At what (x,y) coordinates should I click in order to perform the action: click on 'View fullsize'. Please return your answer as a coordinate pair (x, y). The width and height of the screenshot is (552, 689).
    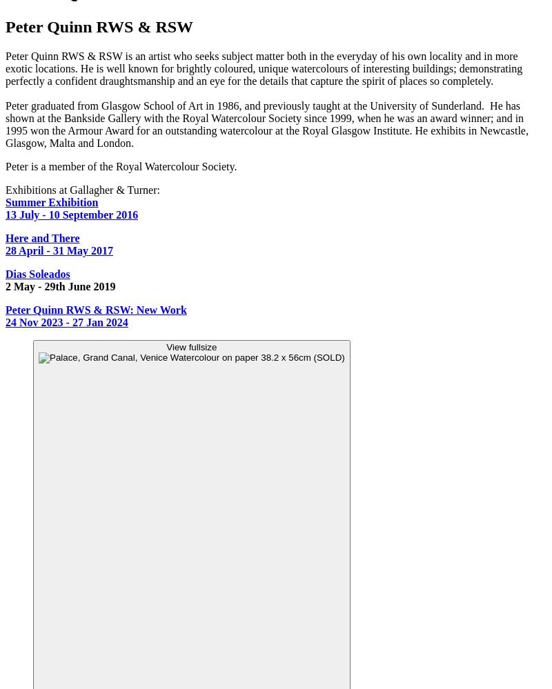
    Looking at the image, I should click on (166, 346).